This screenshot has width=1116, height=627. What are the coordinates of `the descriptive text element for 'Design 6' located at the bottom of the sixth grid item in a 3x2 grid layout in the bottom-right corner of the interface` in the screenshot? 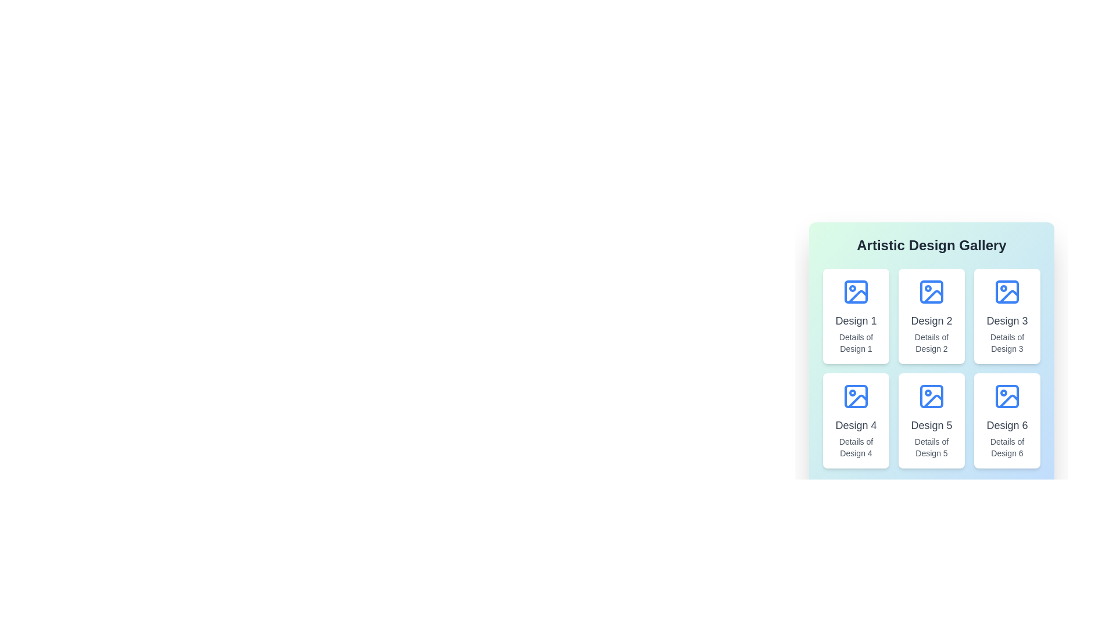 It's located at (1006, 447).